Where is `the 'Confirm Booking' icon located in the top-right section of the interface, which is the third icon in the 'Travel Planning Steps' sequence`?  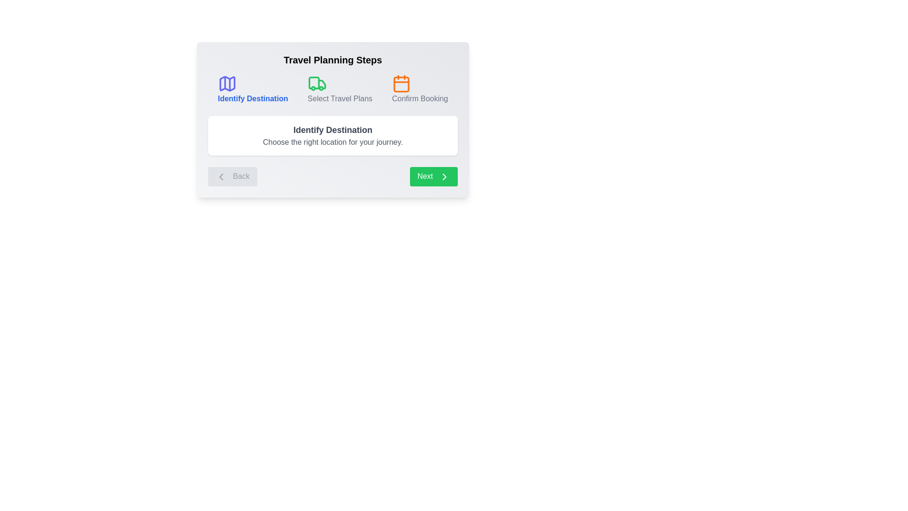
the 'Confirm Booking' icon located in the top-right section of the interface, which is the third icon in the 'Travel Planning Steps' sequence is located at coordinates (402, 83).